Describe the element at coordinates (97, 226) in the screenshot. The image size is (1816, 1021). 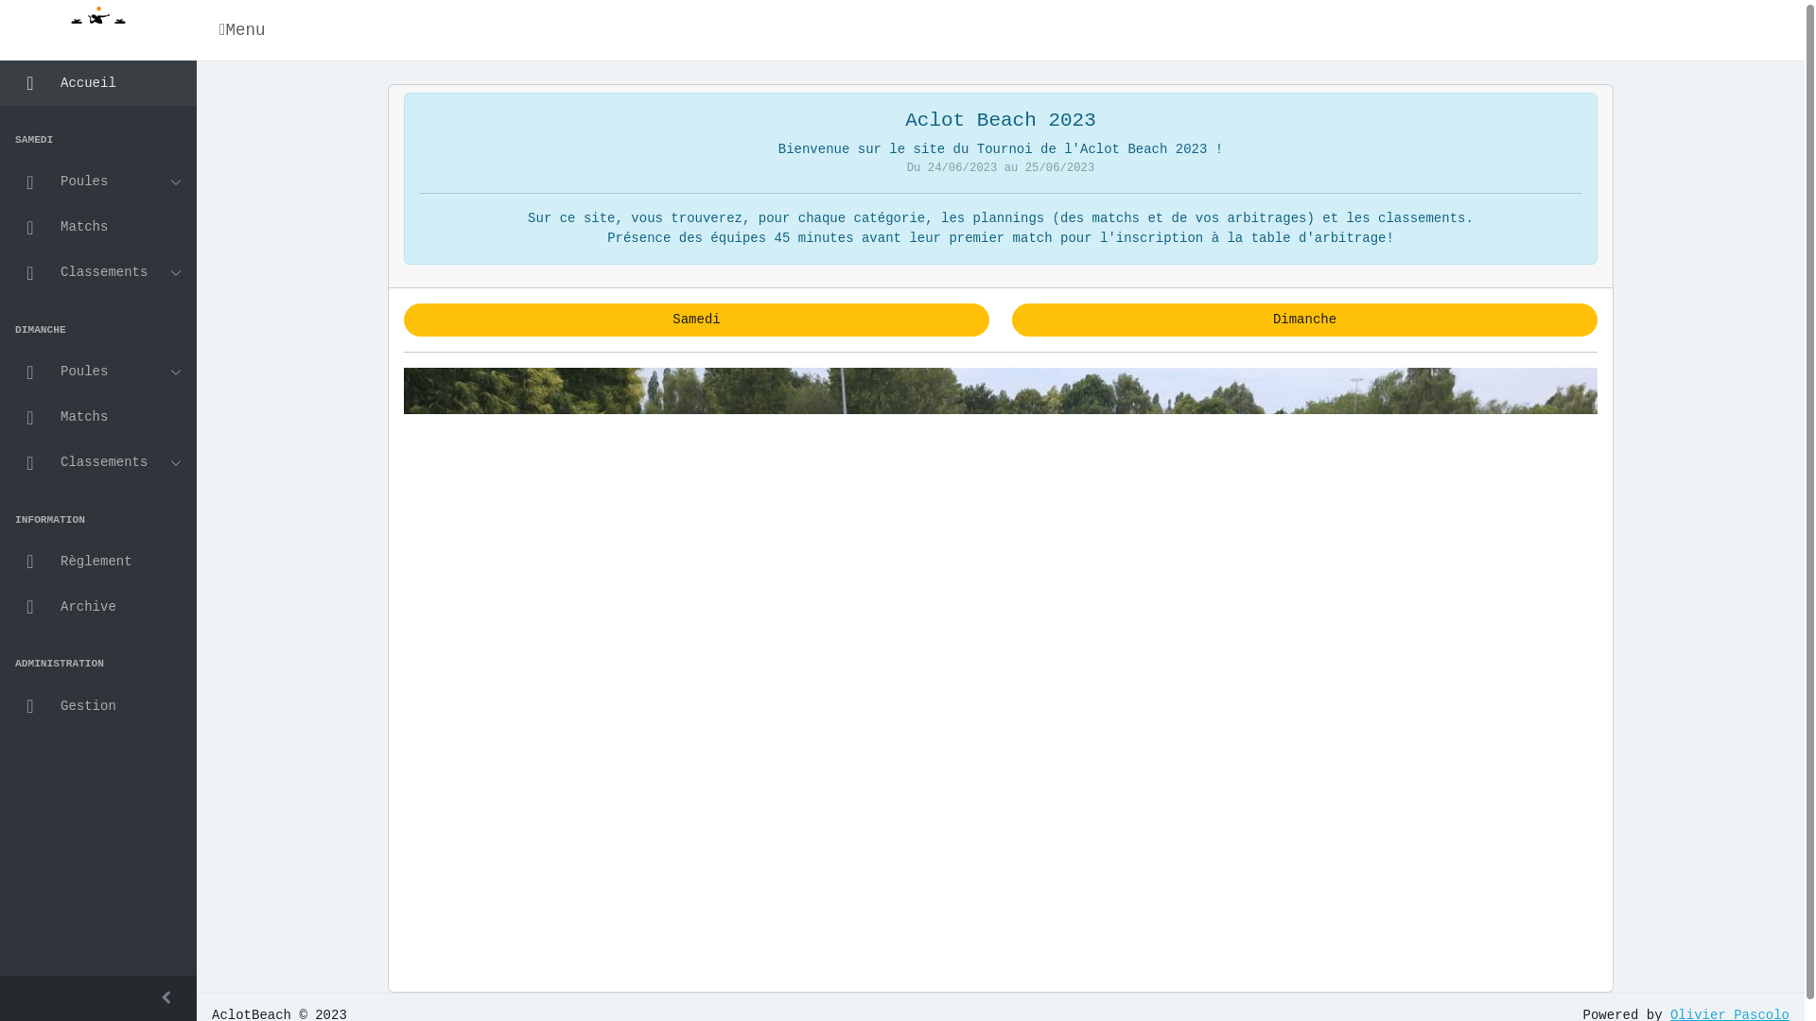
I see `'Matchs'` at that location.